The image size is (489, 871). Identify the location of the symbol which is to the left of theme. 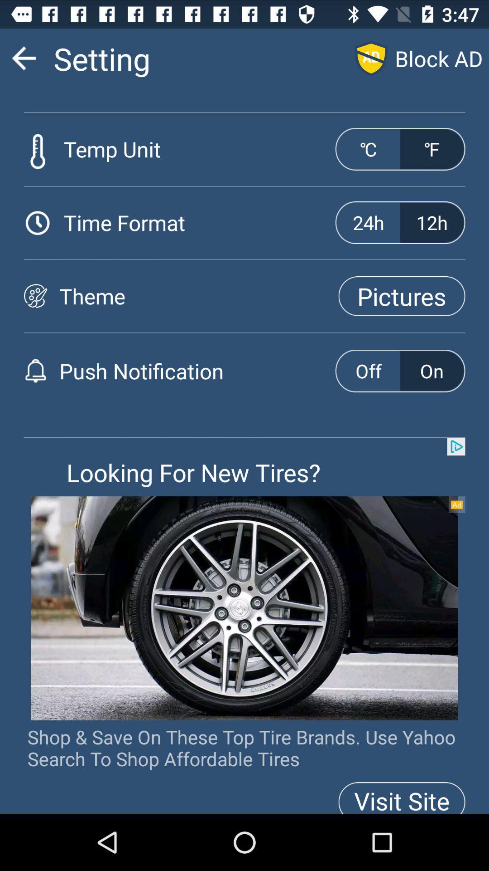
(35, 296).